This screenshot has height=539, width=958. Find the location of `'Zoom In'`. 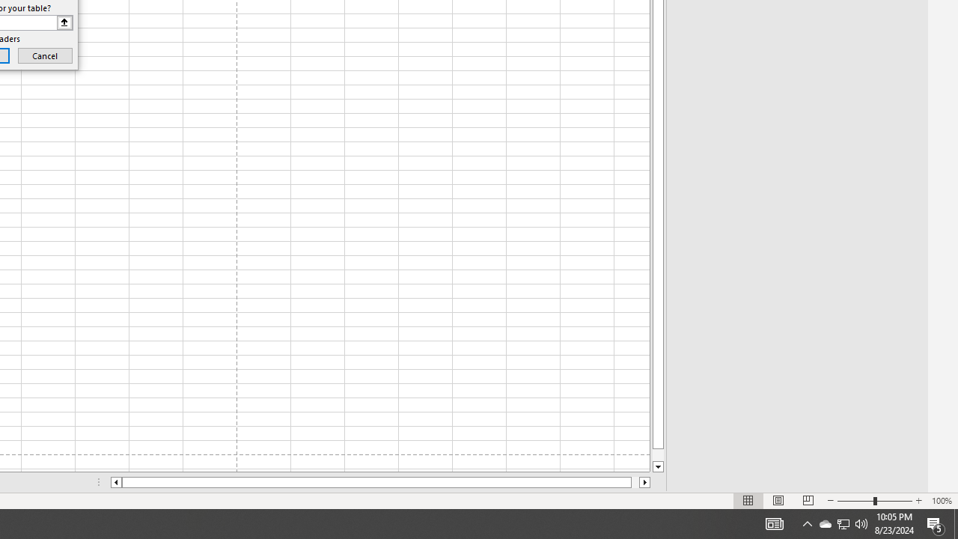

'Zoom In' is located at coordinates (918, 501).